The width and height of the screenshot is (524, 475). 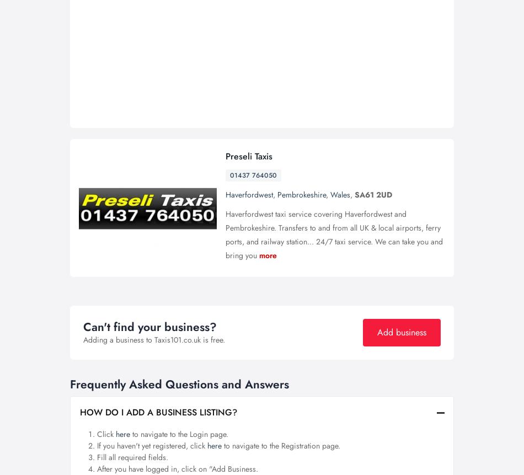 I want to click on 'Register', so click(x=347, y=15).